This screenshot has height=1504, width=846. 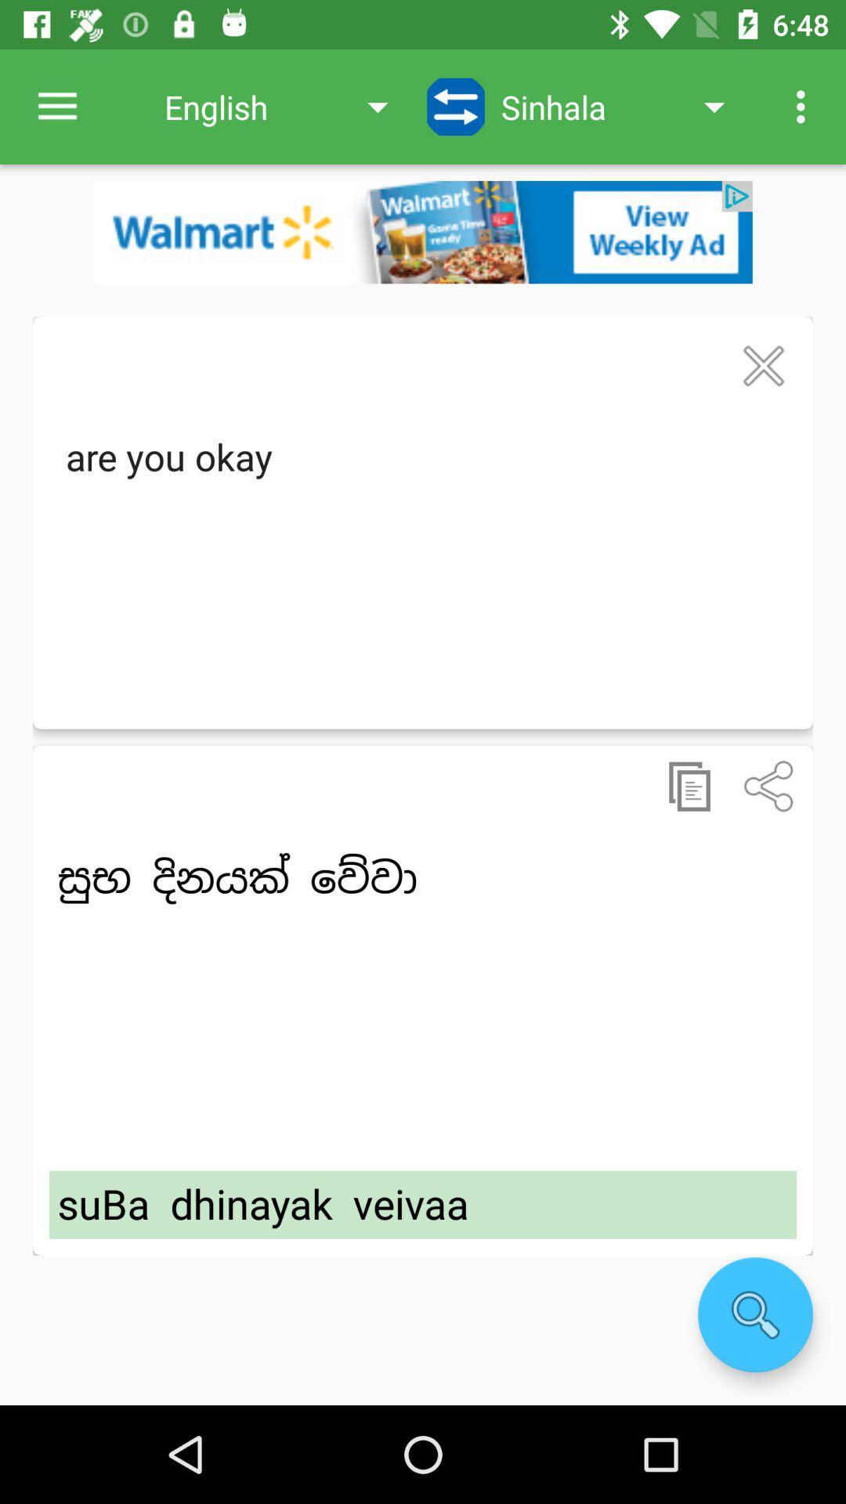 I want to click on switch language, so click(x=456, y=106).